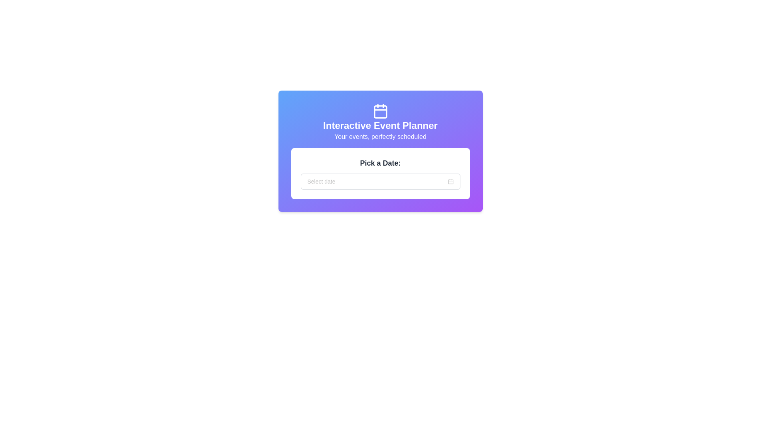 The image size is (766, 431). What do you see at coordinates (380, 111) in the screenshot?
I see `the decorative icon associated with the 'Interactive Event Planner' section, which is centrally positioned at the top and above the text lines` at bounding box center [380, 111].